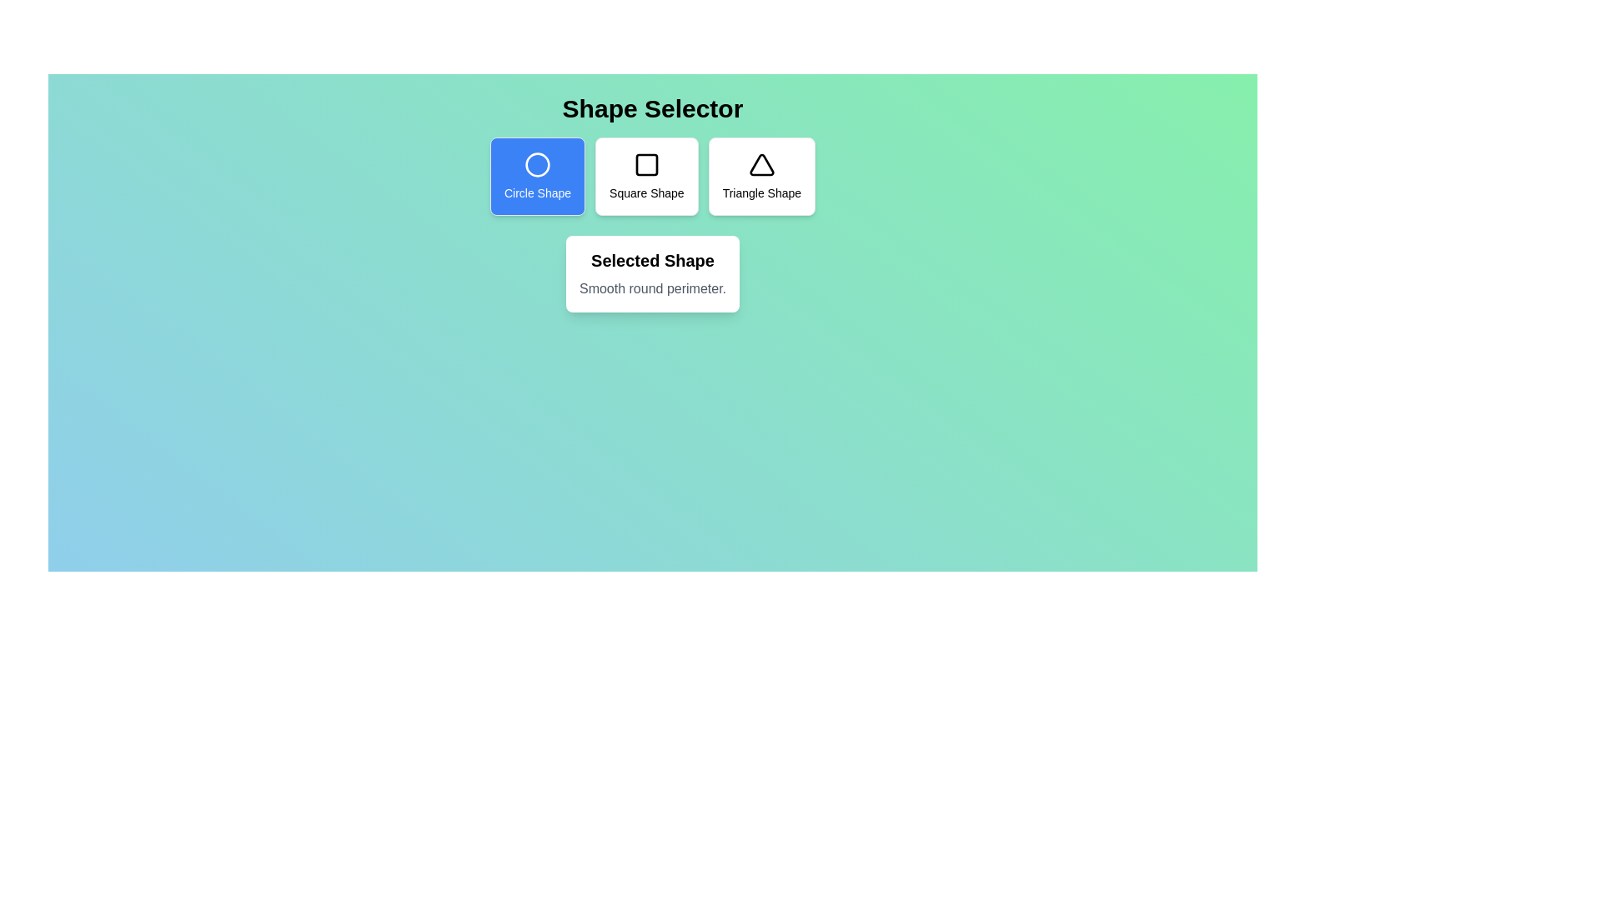 This screenshot has height=900, width=1601. Describe the element at coordinates (651, 109) in the screenshot. I see `the center of the header text labeled 'Shape Selector'` at that location.